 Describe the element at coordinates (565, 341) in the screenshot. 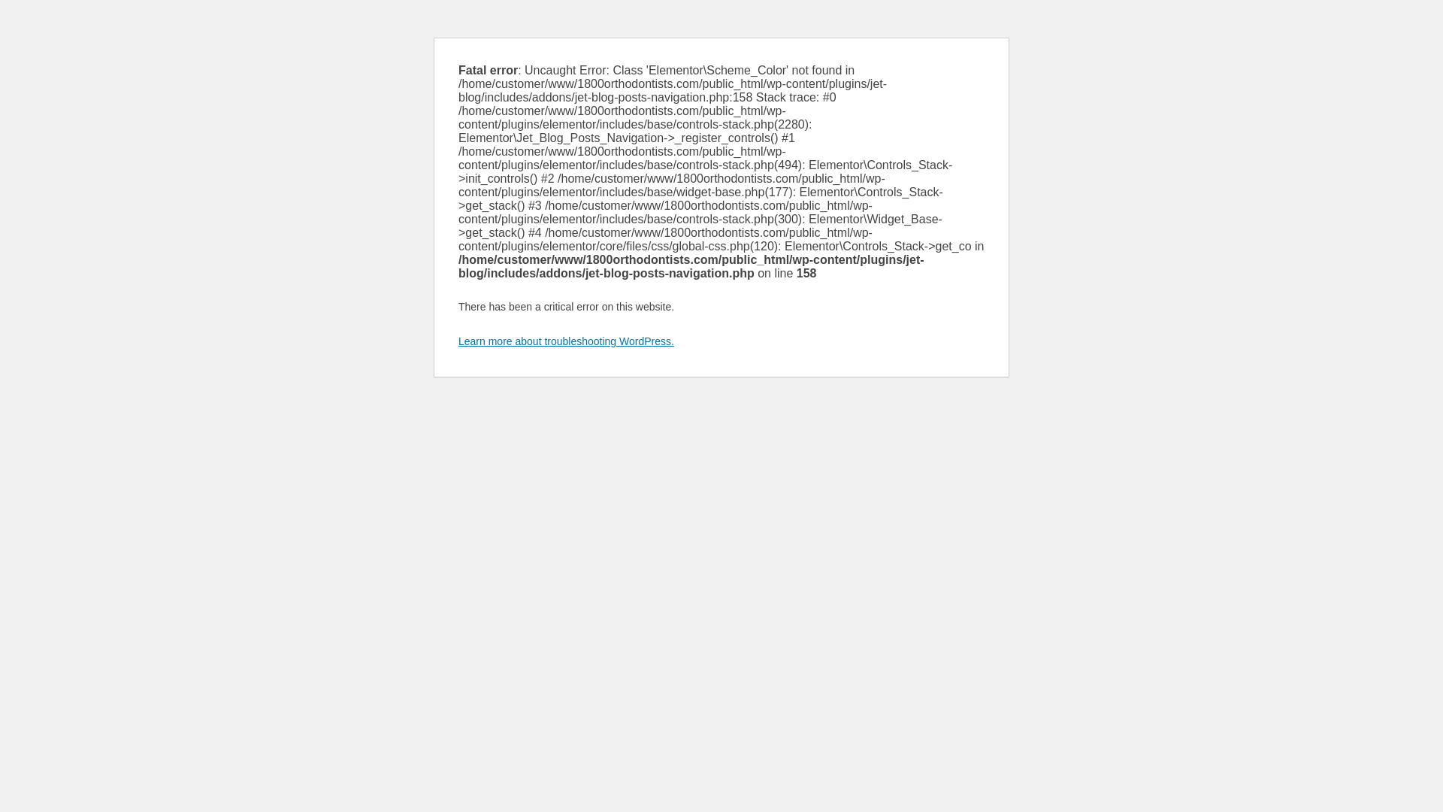

I see `'Learn more about troubleshooting WordPress.'` at that location.